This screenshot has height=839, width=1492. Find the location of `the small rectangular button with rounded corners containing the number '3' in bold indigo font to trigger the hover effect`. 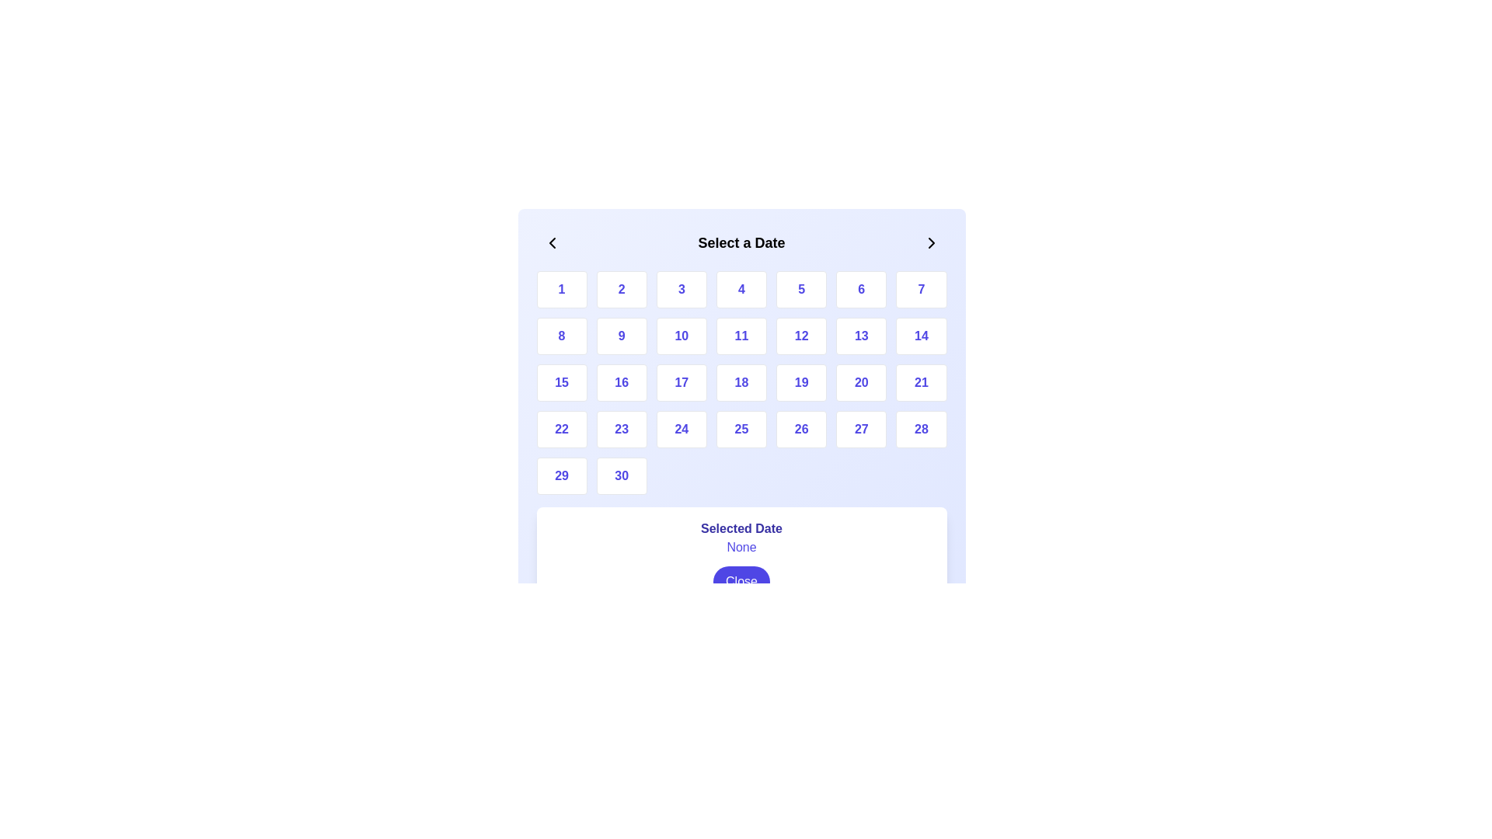

the small rectangular button with rounded corners containing the number '3' in bold indigo font to trigger the hover effect is located at coordinates (682, 290).